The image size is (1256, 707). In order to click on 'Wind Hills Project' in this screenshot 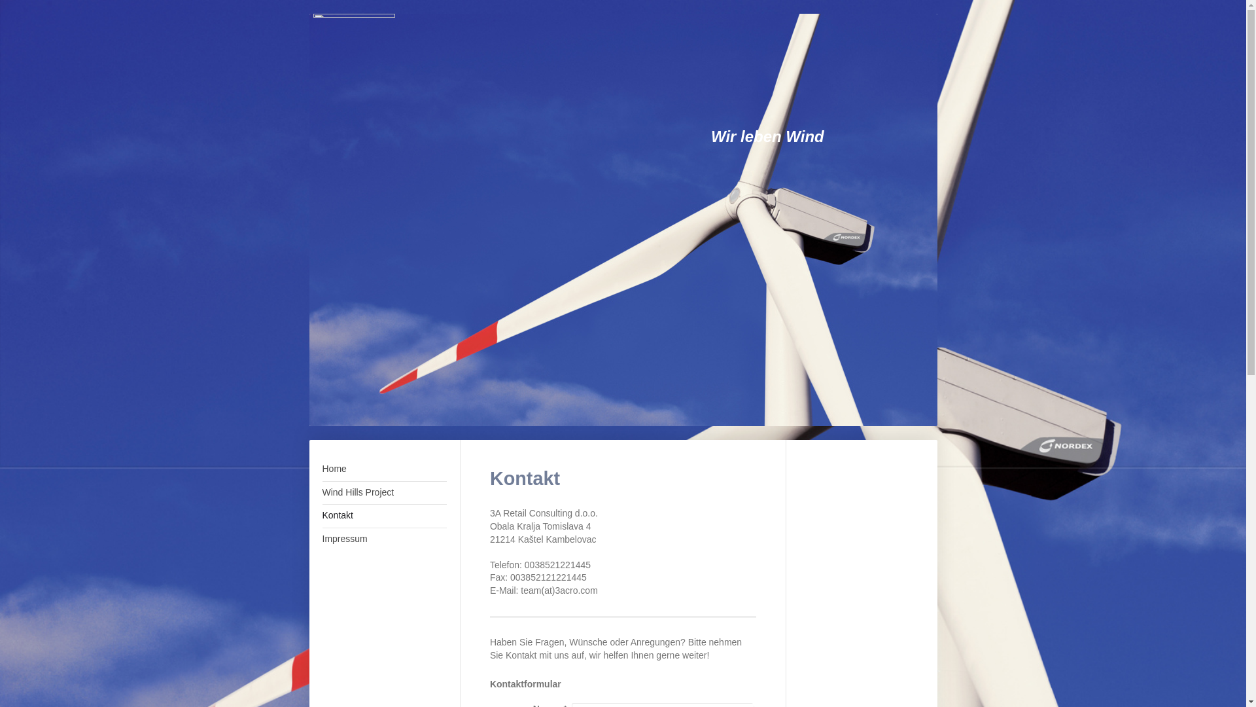, I will do `click(383, 493)`.